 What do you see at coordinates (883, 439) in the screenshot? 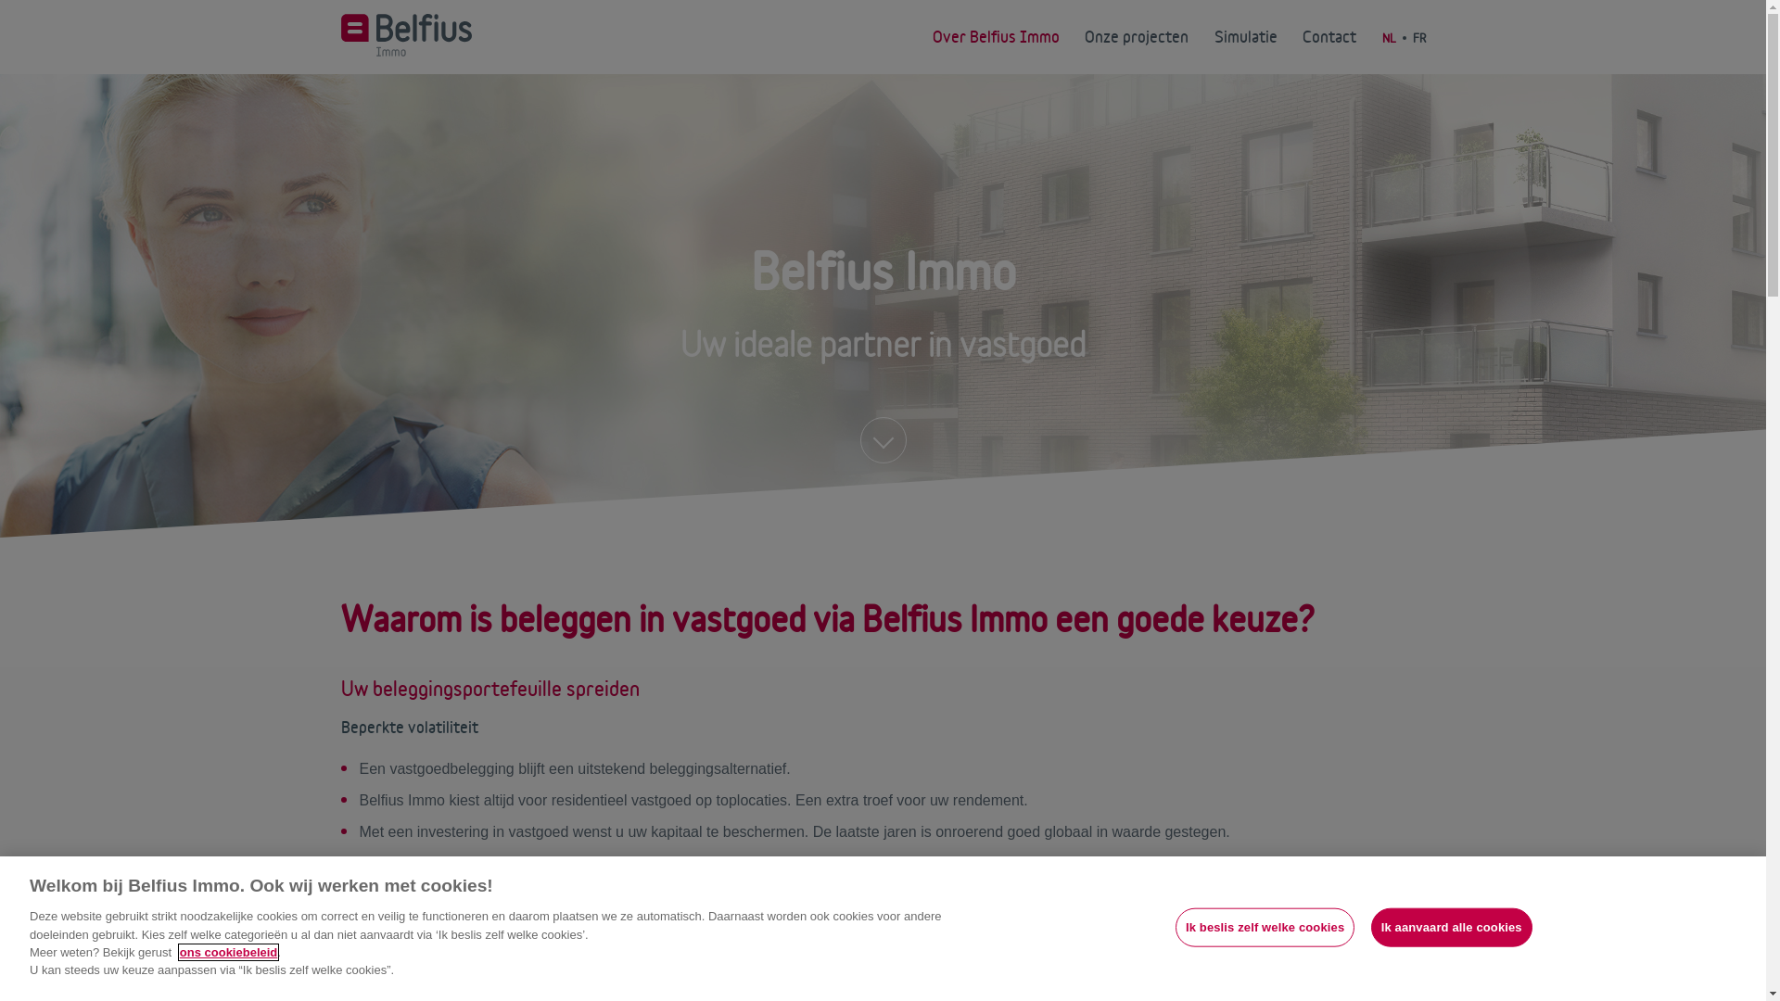
I see `'Go down'` at bounding box center [883, 439].